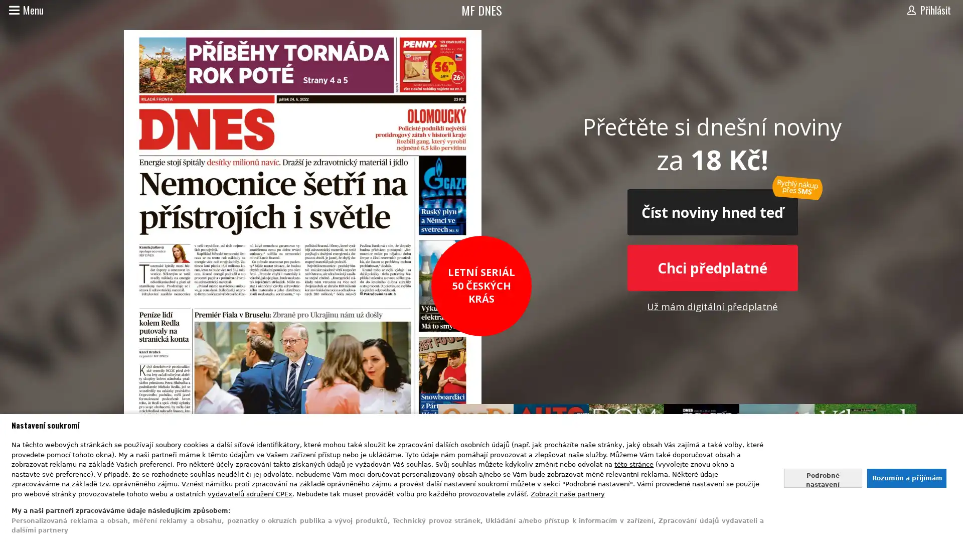  I want to click on Nastavte sve souhlasy, so click(823, 477).